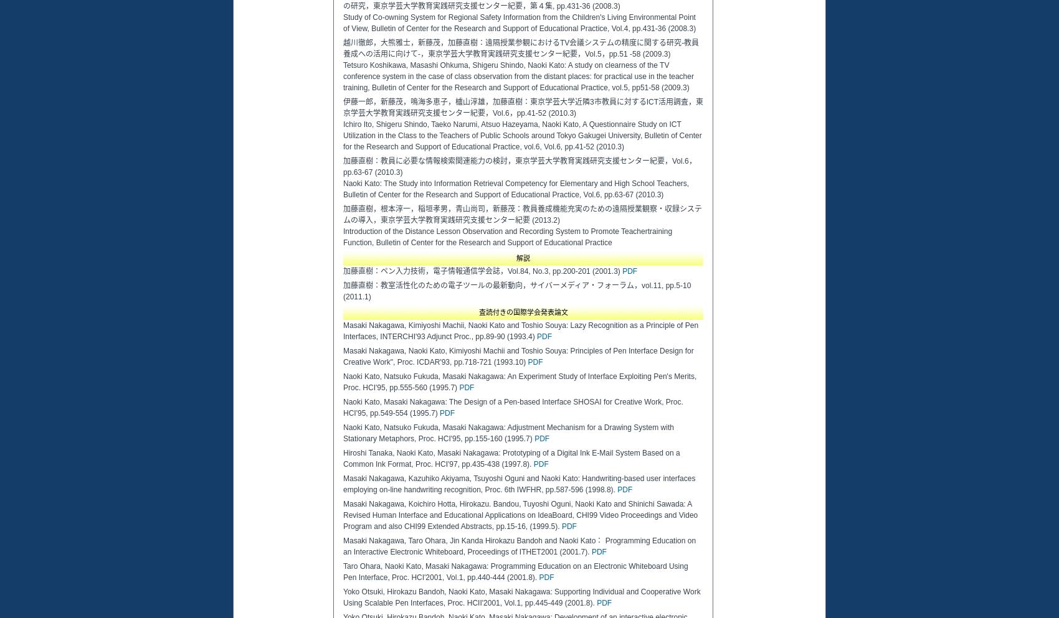  What do you see at coordinates (515, 189) in the screenshot?
I see `'Naoki Kato: The Study into Information Retrieval Competency for Elementary and High School Teachers, Bulletin of Center for the Research and Support of Educational Practice, Vol.6, pp.63-67 (2010.3)'` at bounding box center [515, 189].